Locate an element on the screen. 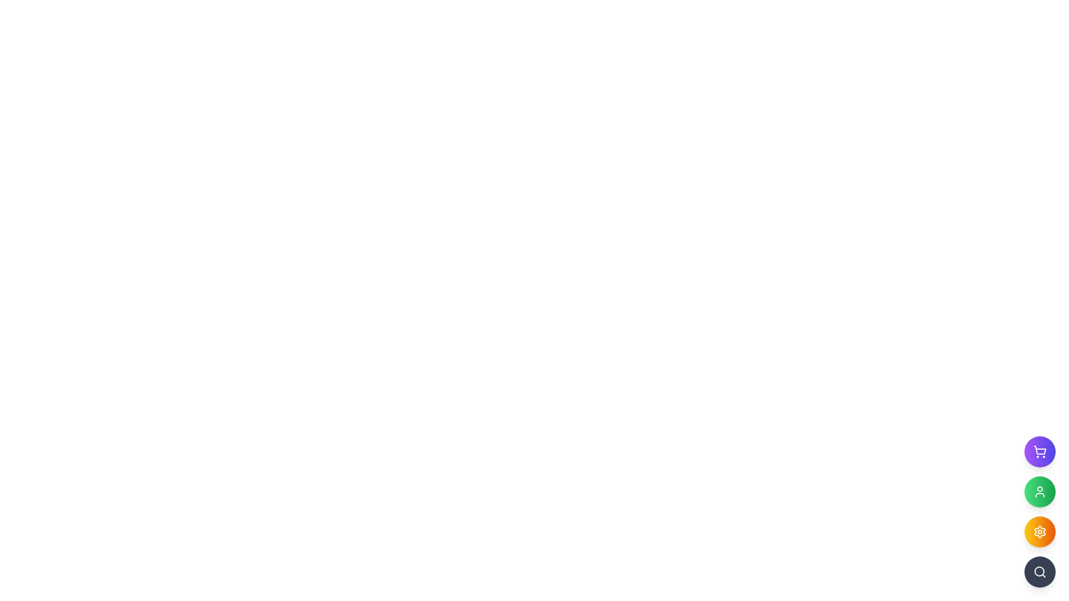 This screenshot has height=601, width=1069. the bottom-most circular button containing a black magnifying glass icon to initiate a search action is located at coordinates (1039, 572).